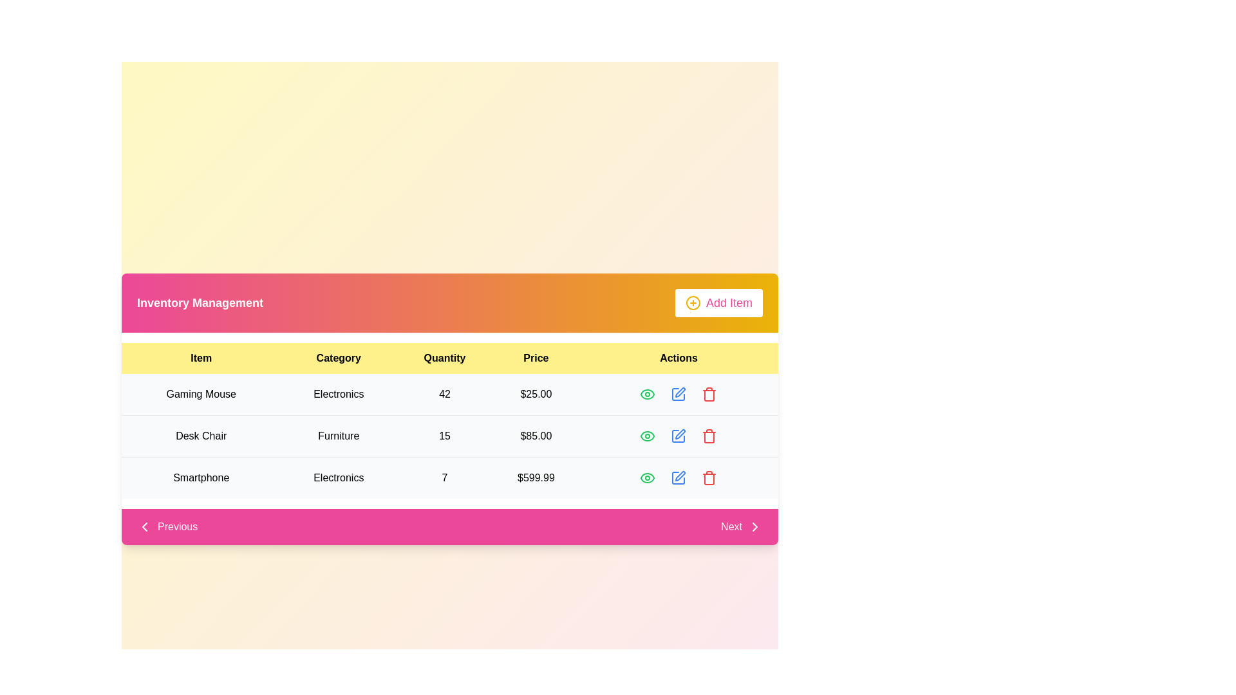 The width and height of the screenshot is (1236, 695). I want to click on the edit icon located in the Actions column of the third row in the table, so click(678, 478).